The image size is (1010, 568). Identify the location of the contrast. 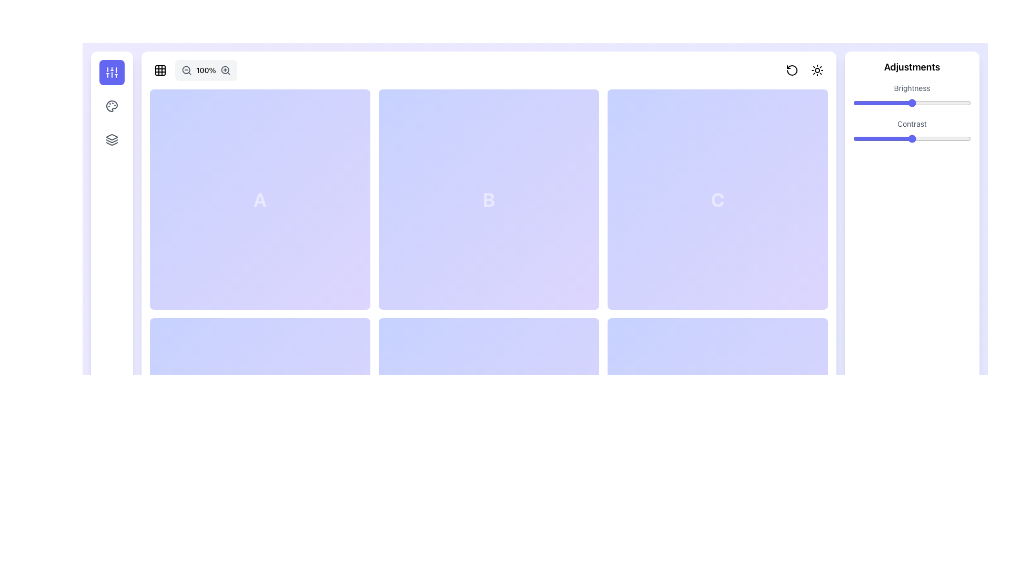
(936, 138).